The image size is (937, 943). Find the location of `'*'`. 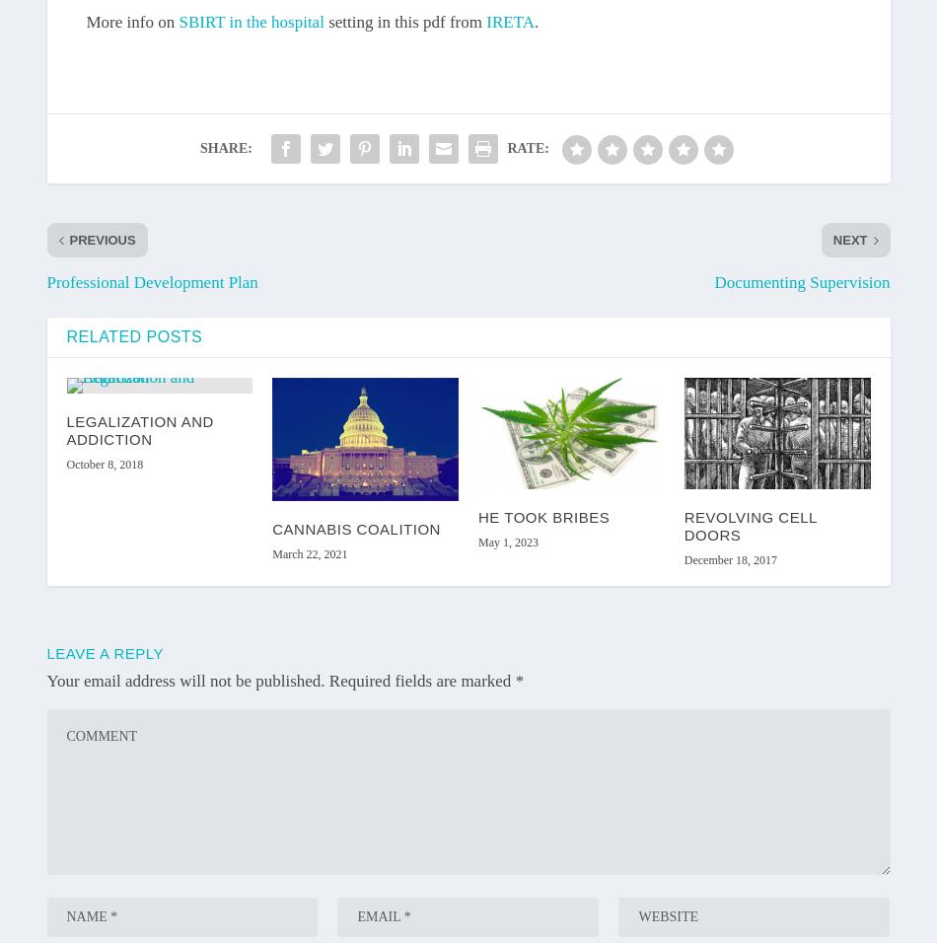

'*' is located at coordinates (519, 680).